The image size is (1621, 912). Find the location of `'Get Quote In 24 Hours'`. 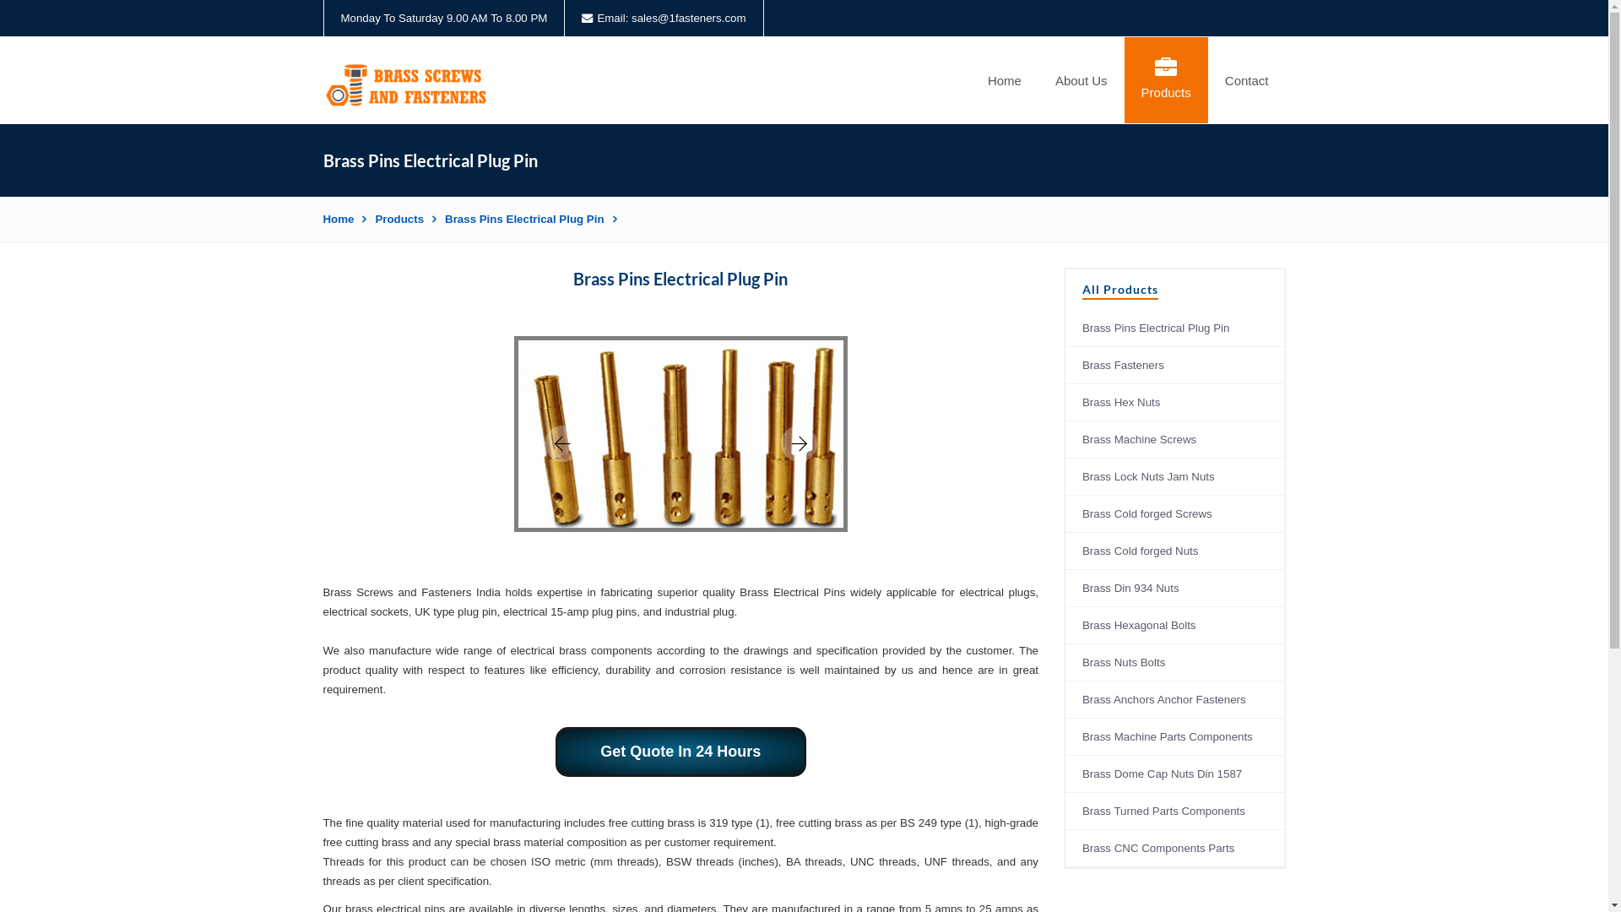

'Get Quote In 24 Hours' is located at coordinates (680, 751).